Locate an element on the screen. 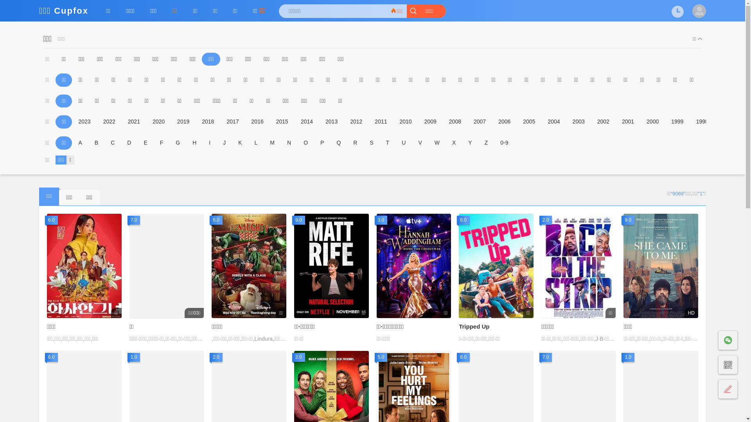  '2011' is located at coordinates (381, 122).